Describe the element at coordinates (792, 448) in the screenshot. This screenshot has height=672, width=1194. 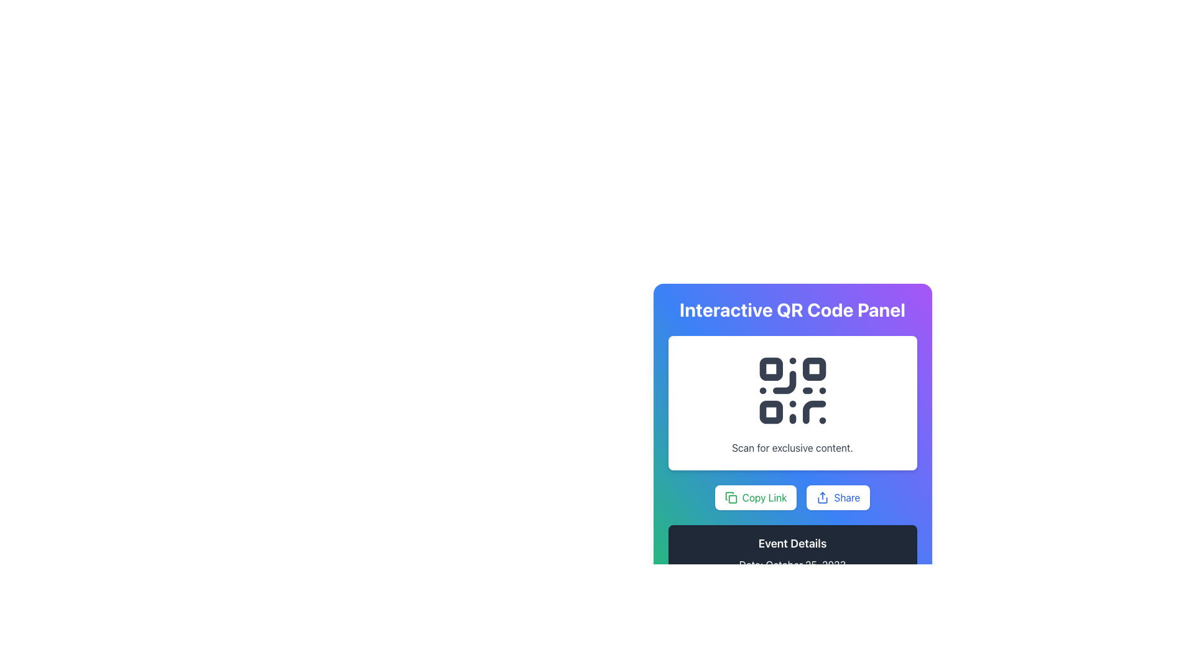
I see `the text label that reads 'Scan for exclusive content.', which is positioned centrally below the QR code illustration` at that location.